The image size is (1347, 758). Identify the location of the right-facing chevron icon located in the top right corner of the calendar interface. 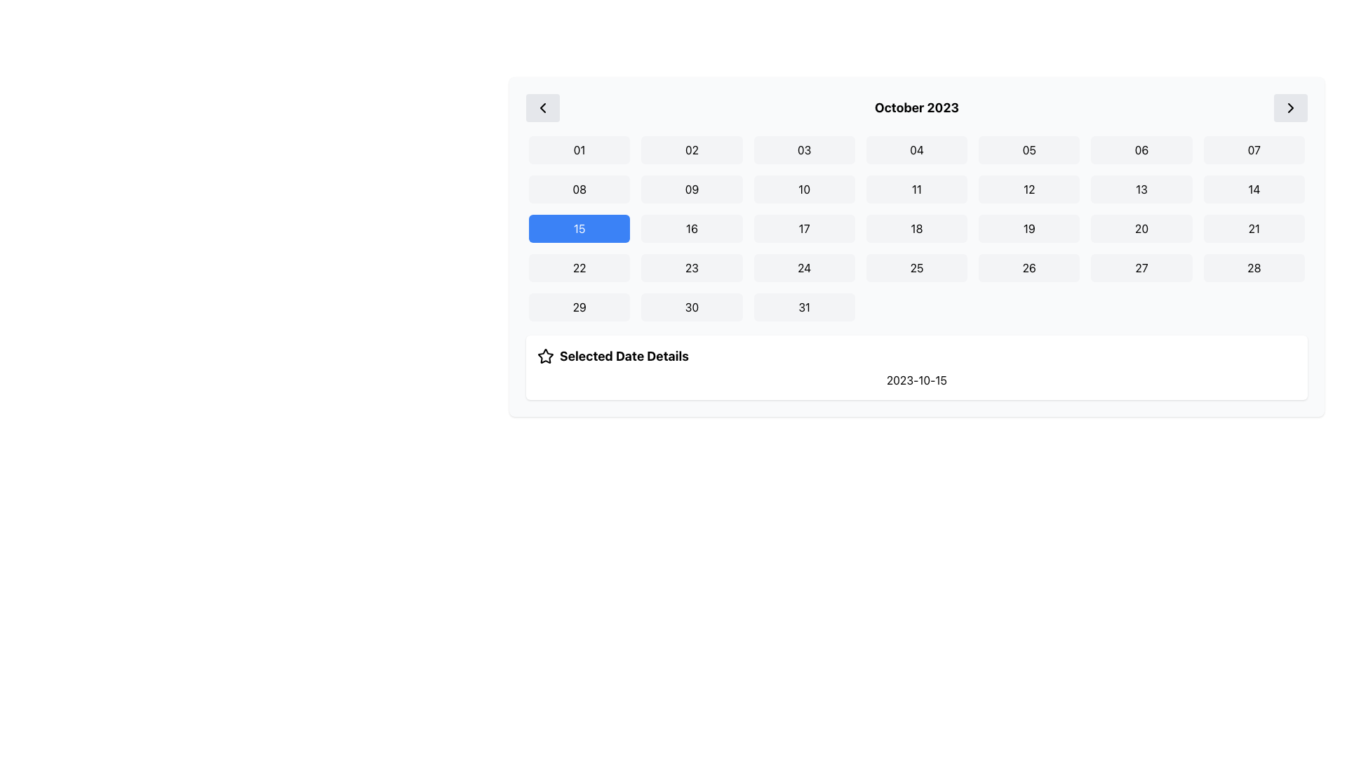
(1290, 107).